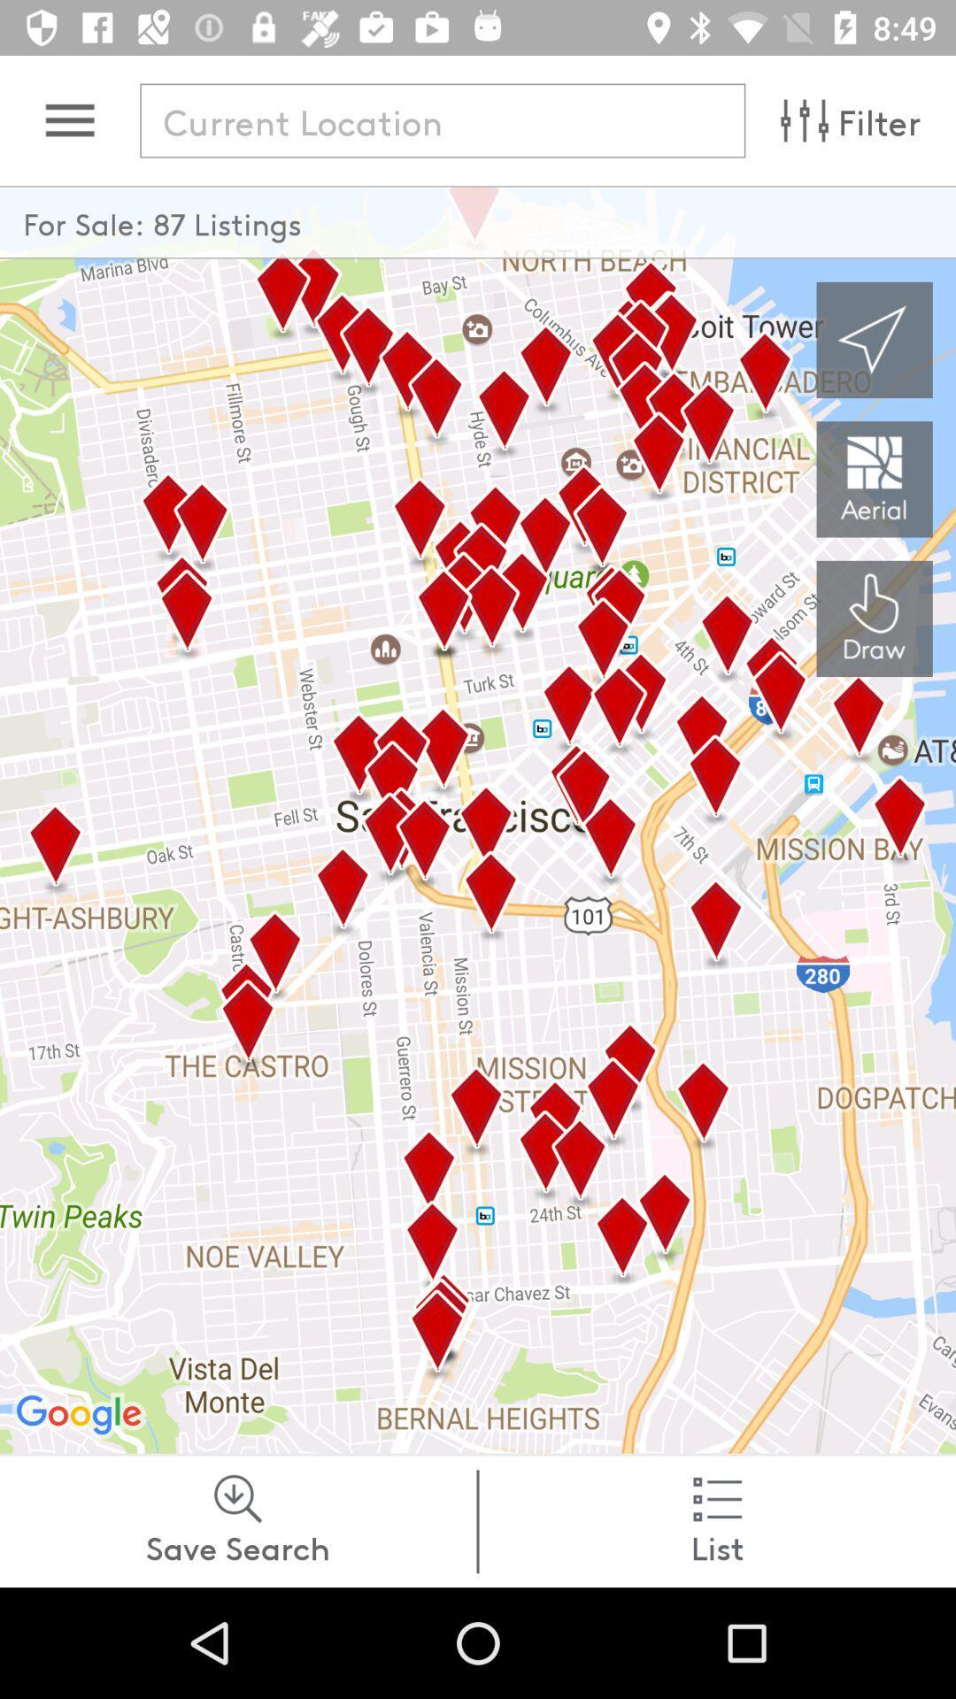 The height and width of the screenshot is (1699, 956). I want to click on the icon at the center, so click(478, 819).